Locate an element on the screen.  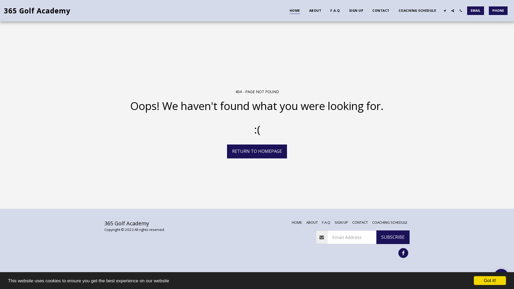
' ' is located at coordinates (501, 276).